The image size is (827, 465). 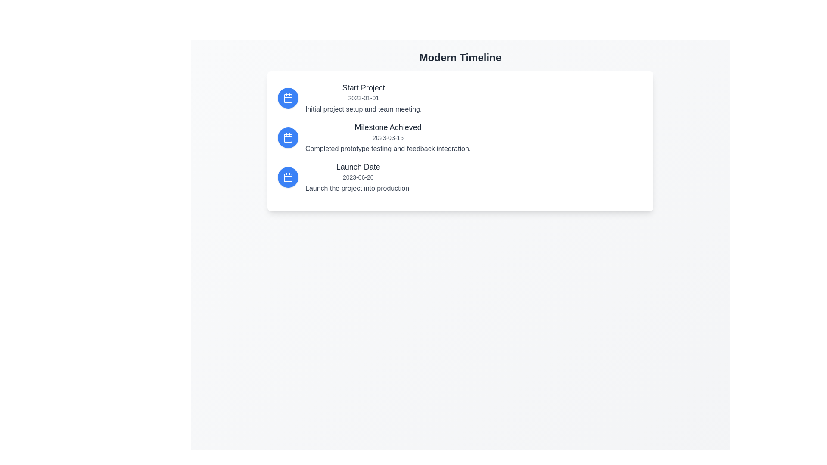 I want to click on the circular blue icon with a white calendar representing an event, located next to the 'Milestone Achieved' entry in the timeline, so click(x=288, y=137).